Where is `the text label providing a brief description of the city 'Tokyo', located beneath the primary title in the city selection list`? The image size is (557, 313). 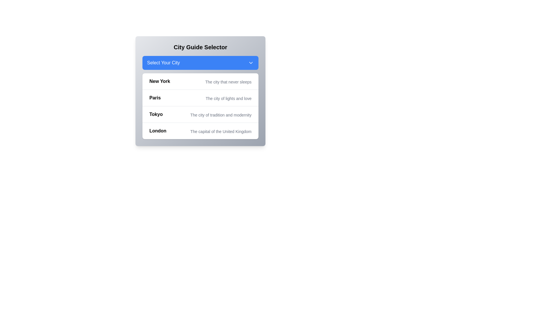
the text label providing a brief description of the city 'Tokyo', located beneath the primary title in the city selection list is located at coordinates (220, 115).